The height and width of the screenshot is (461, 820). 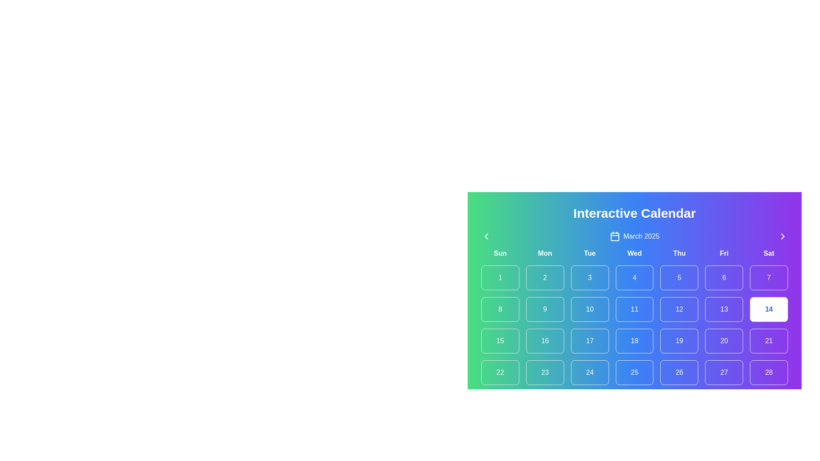 What do you see at coordinates (589, 340) in the screenshot?
I see `the date selection button for the 17th in the calendar interface` at bounding box center [589, 340].